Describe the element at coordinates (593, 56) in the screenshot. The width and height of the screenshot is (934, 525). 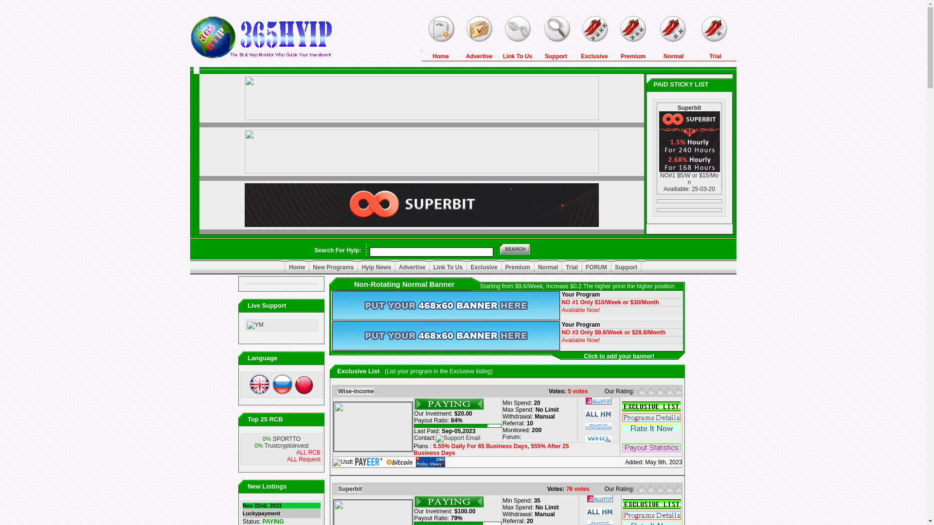
I see `'Exclusive'` at that location.